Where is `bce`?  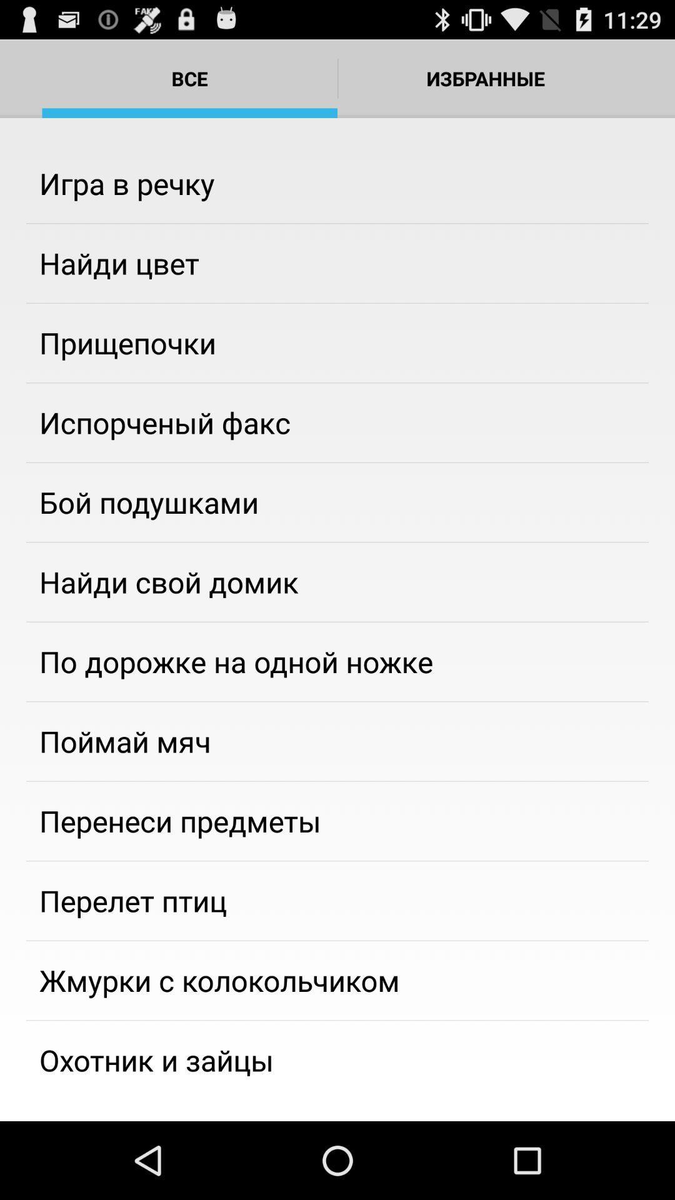
bce is located at coordinates (190, 77).